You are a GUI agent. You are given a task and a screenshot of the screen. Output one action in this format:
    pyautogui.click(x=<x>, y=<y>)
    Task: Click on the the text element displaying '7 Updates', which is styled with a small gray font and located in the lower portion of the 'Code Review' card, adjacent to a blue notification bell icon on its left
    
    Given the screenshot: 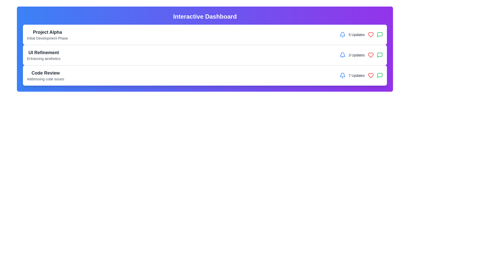 What is the action you would take?
    pyautogui.click(x=361, y=76)
    